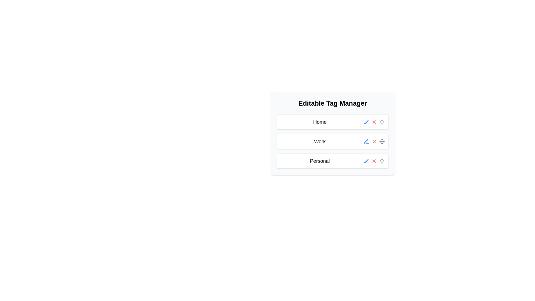 The image size is (535, 301). Describe the element at coordinates (333, 122) in the screenshot. I see `the 'Home' card` at that location.